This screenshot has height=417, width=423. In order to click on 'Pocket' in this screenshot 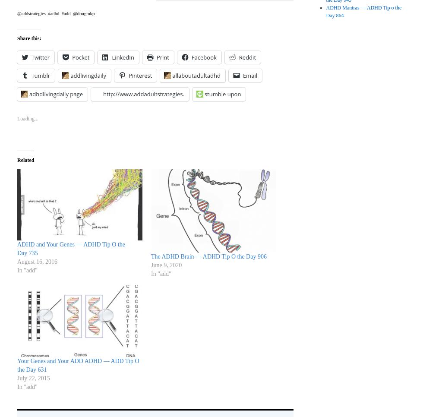, I will do `click(80, 57)`.